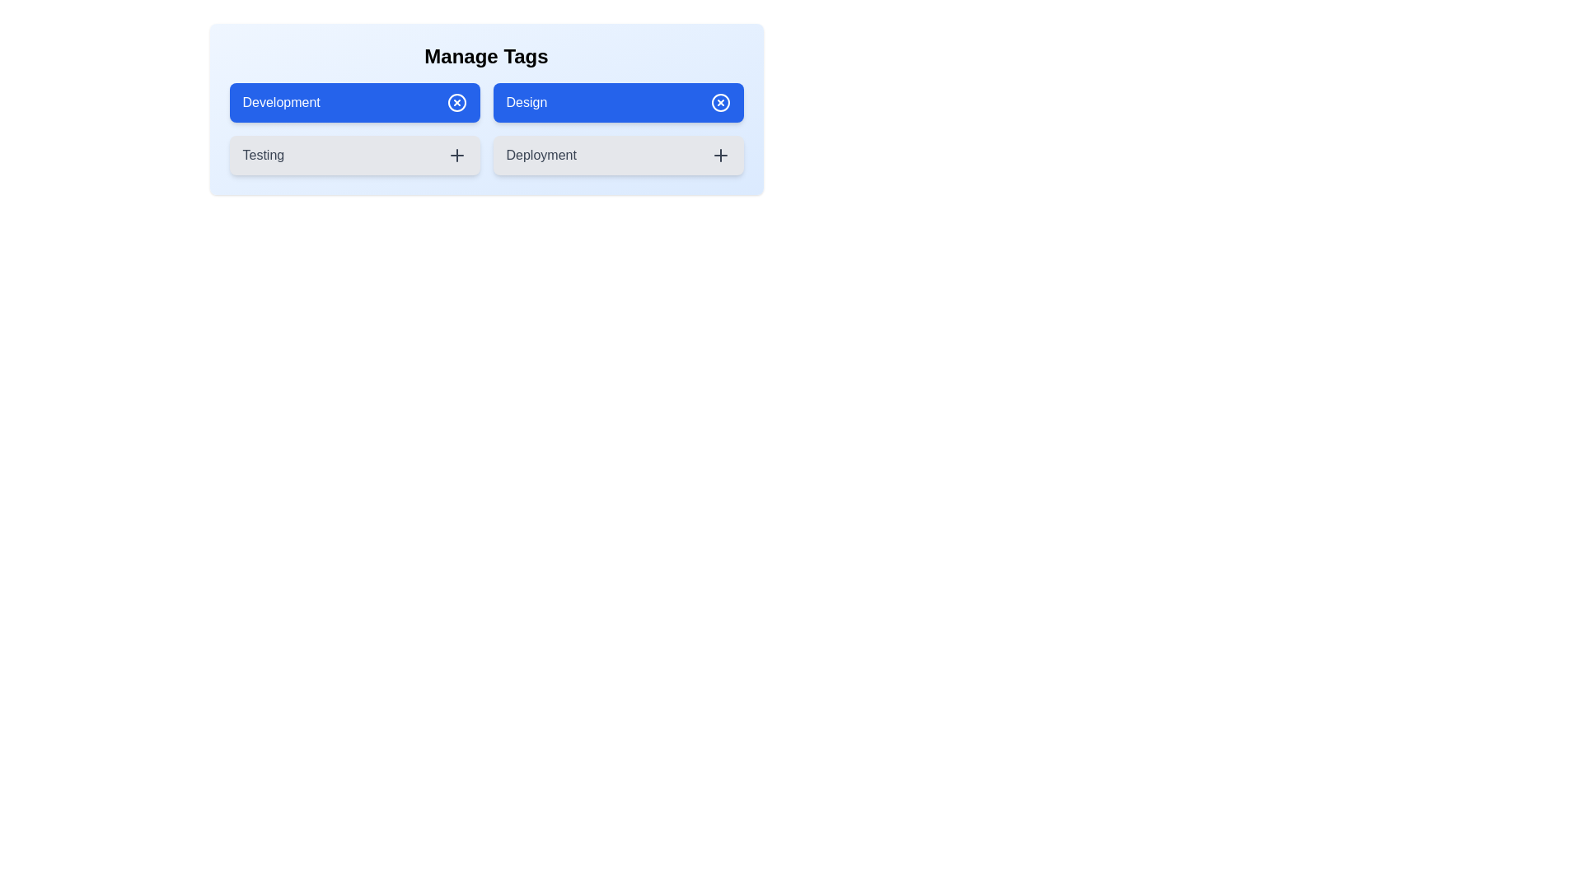 The width and height of the screenshot is (1582, 889). What do you see at coordinates (617, 156) in the screenshot?
I see `the tag labeled Deployment to toggle its state` at bounding box center [617, 156].